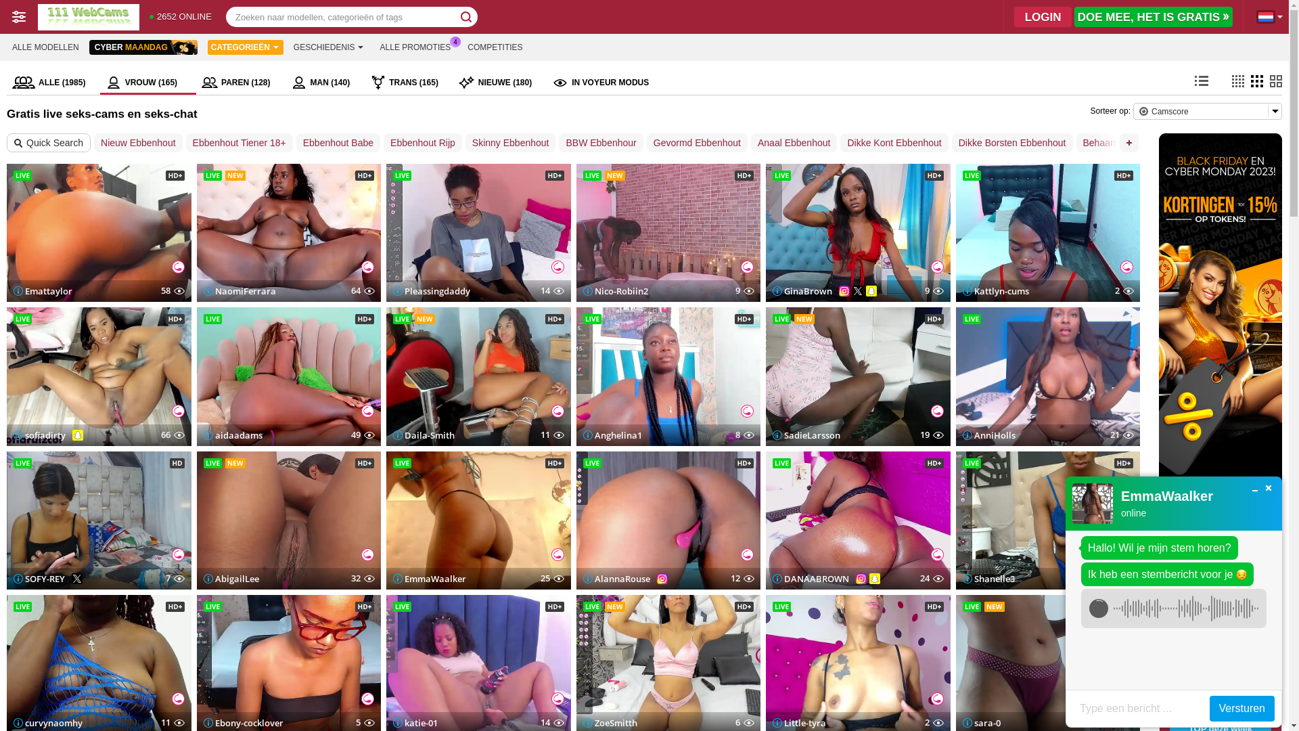  What do you see at coordinates (1042, 16) in the screenshot?
I see `'LOGIN'` at bounding box center [1042, 16].